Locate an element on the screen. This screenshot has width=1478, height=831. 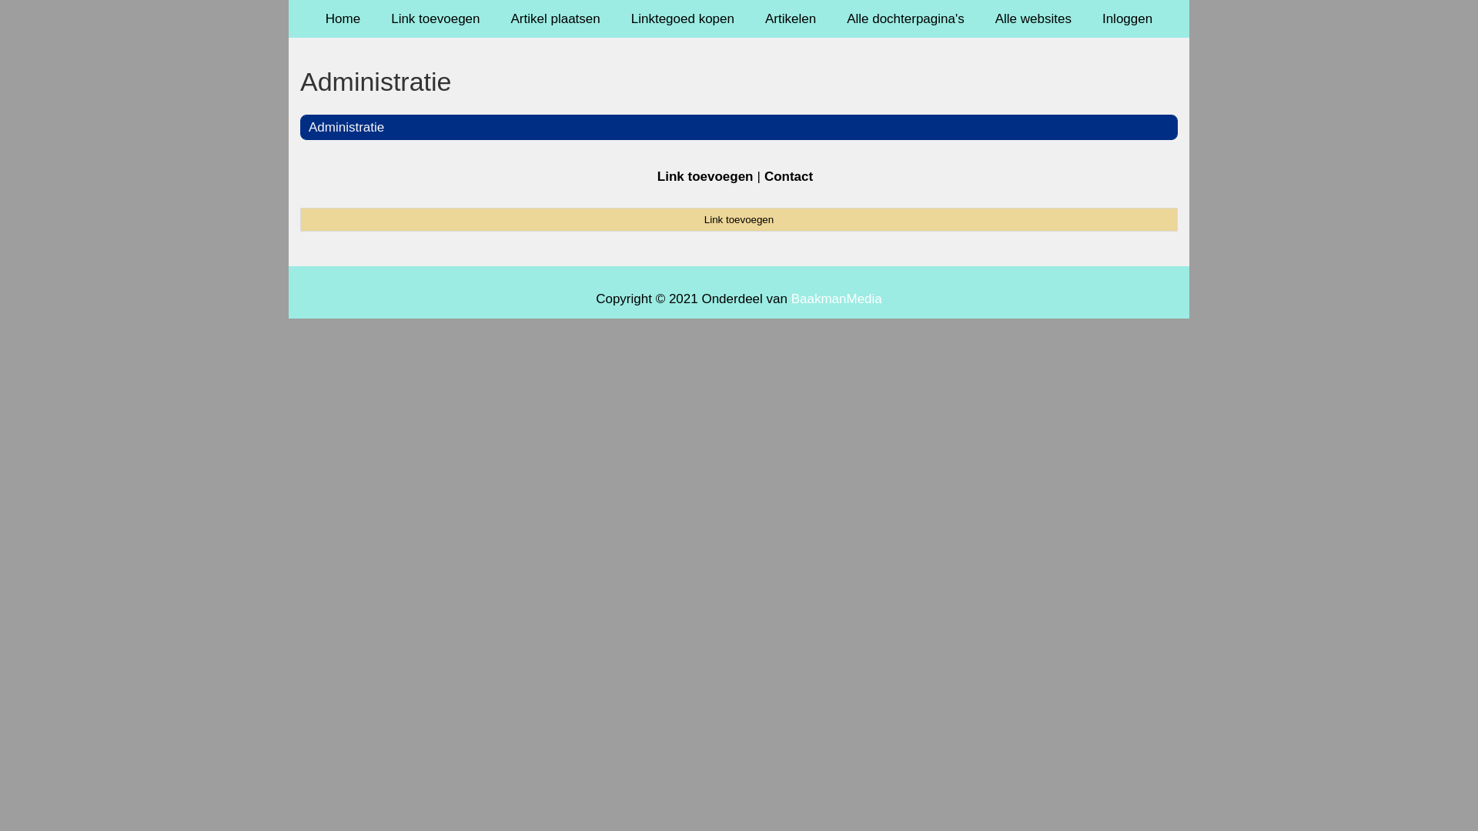
'Linktegoed kopen' is located at coordinates (616, 18).